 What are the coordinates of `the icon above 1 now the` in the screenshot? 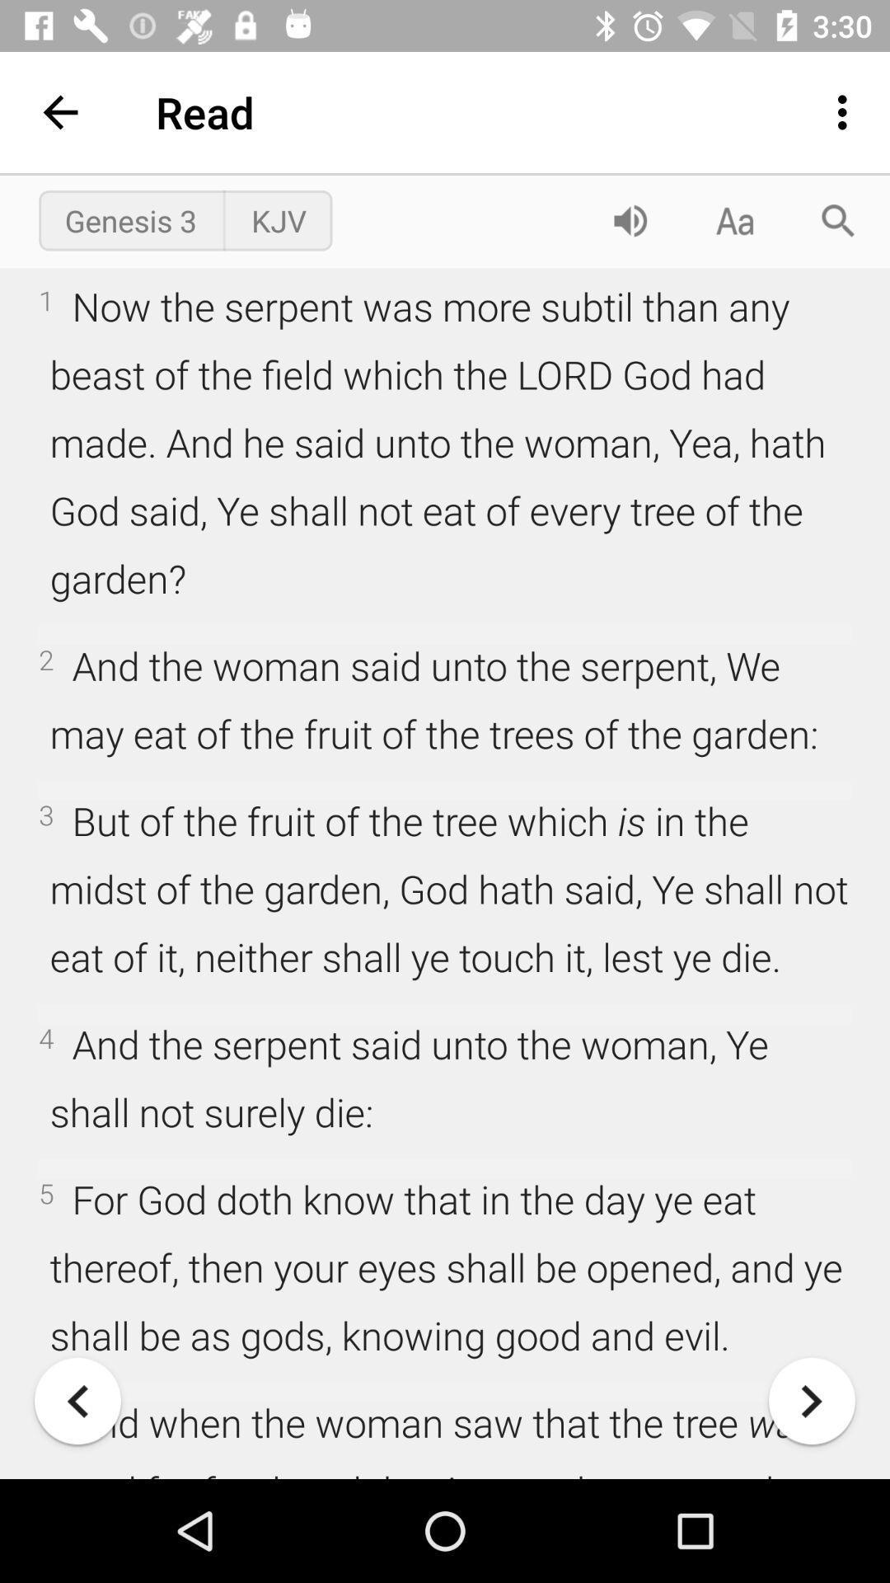 It's located at (630, 219).